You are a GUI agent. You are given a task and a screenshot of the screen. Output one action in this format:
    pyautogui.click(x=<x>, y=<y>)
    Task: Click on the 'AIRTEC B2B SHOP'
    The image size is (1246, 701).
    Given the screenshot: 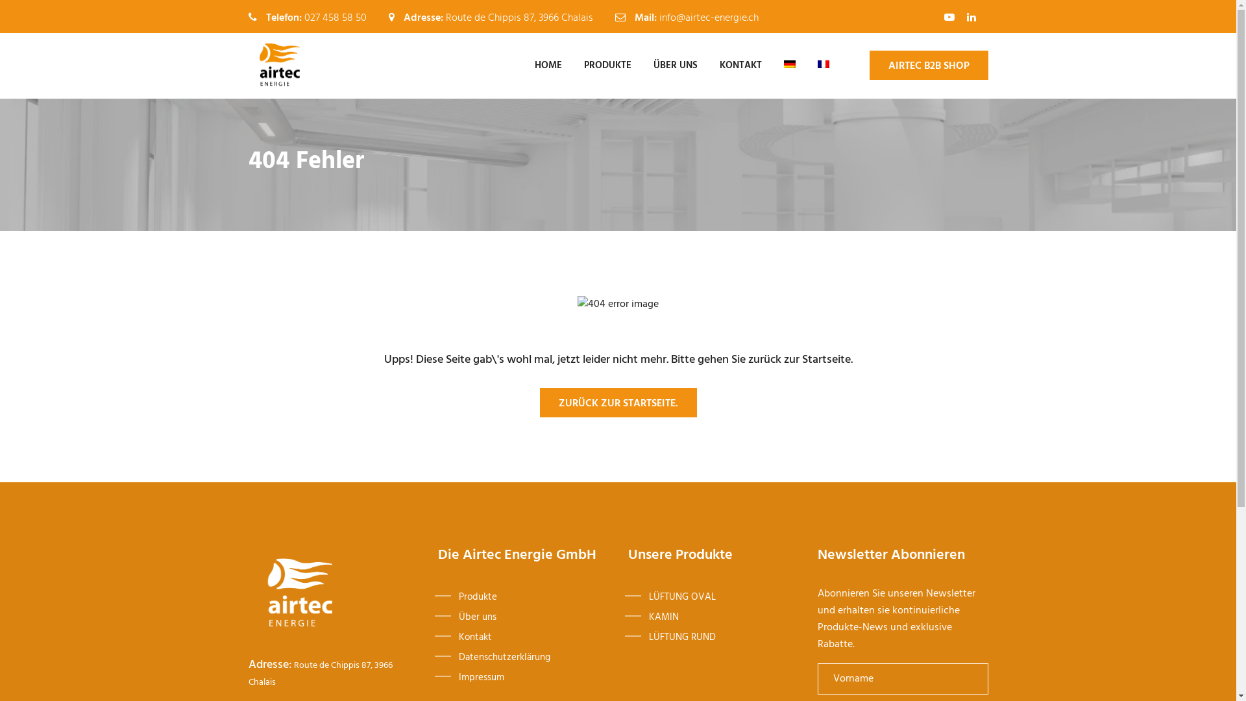 What is the action you would take?
    pyautogui.click(x=928, y=65)
    